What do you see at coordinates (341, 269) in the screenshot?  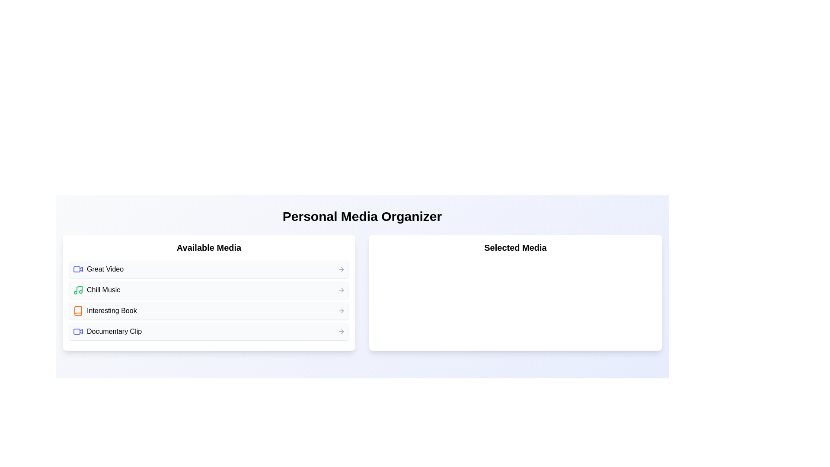 I see `the right-pointing gray arrow icon located at the rightmost part of the 'Great Video' row in the 'Available Media' list` at bounding box center [341, 269].